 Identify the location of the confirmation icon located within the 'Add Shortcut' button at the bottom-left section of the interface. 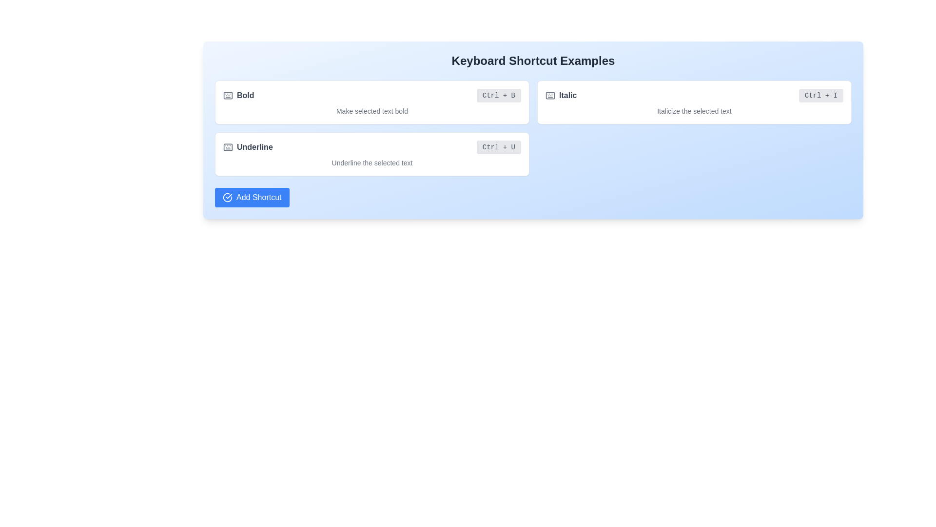
(227, 198).